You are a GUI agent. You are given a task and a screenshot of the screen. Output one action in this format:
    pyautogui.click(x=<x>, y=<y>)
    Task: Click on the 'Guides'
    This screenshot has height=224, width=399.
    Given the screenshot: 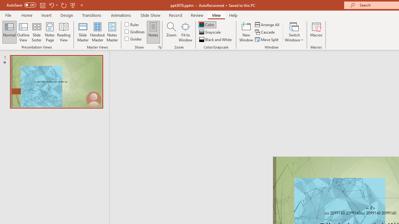 What is the action you would take?
    pyautogui.click(x=133, y=39)
    